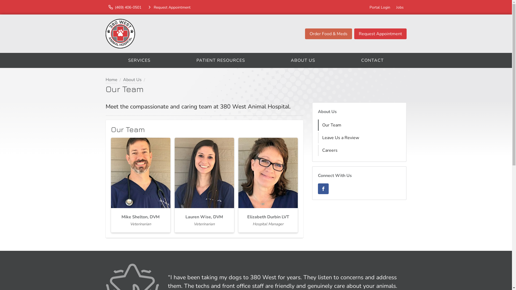 This screenshot has height=290, width=516. I want to click on 'About Us', so click(327, 111).